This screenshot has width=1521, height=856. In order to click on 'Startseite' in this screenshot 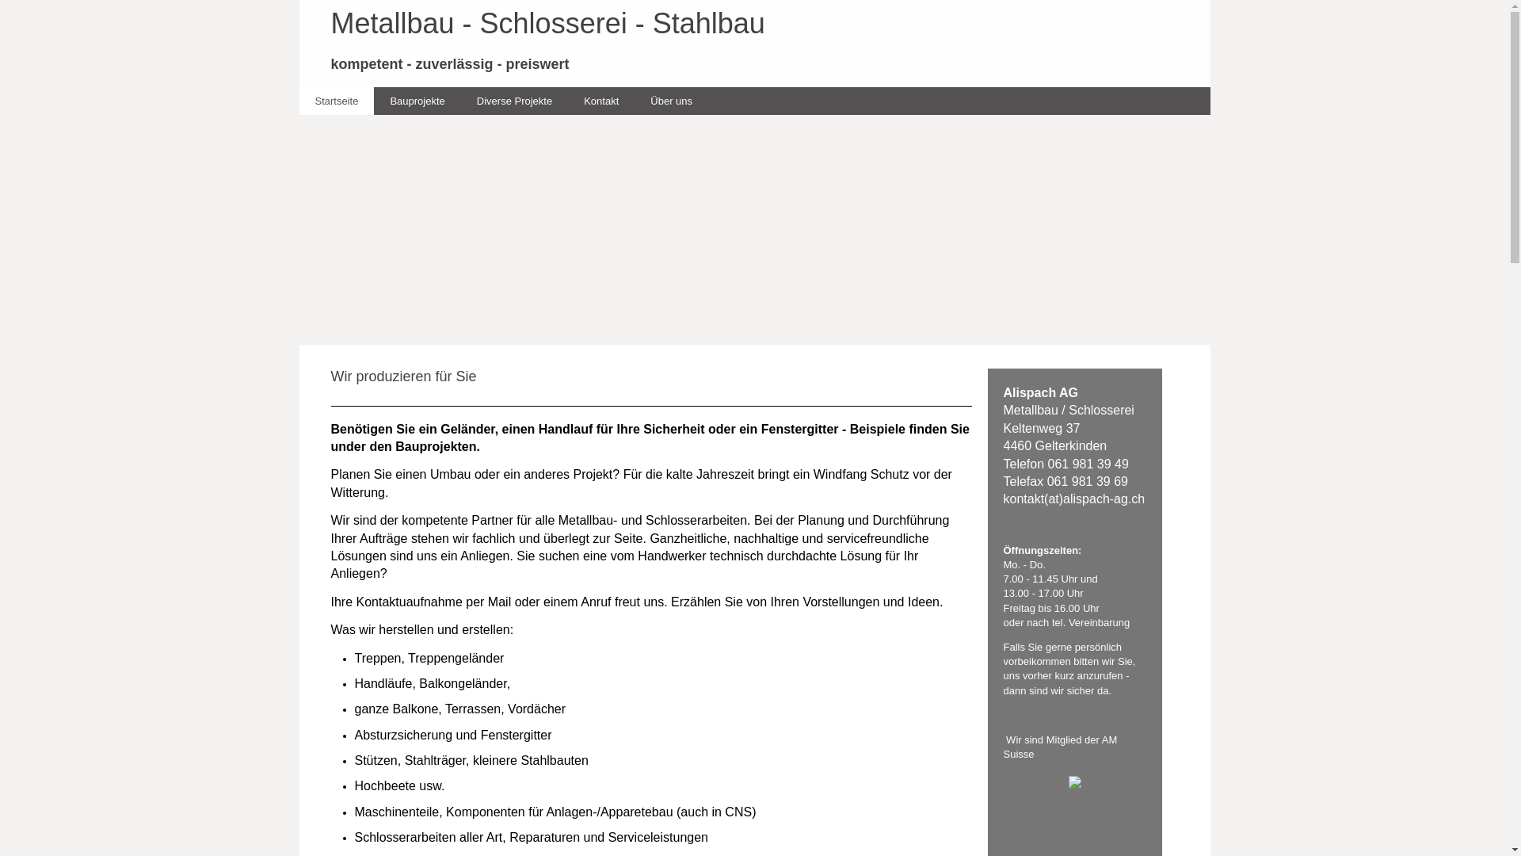, I will do `click(336, 101)`.